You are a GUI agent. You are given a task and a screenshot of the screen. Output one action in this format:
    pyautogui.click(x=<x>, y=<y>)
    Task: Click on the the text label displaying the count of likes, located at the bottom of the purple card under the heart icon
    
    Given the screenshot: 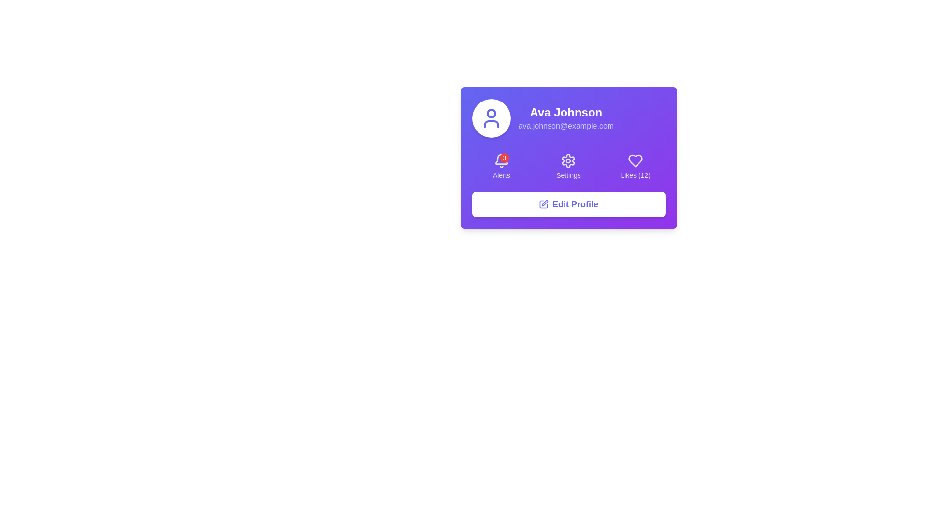 What is the action you would take?
    pyautogui.click(x=636, y=175)
    